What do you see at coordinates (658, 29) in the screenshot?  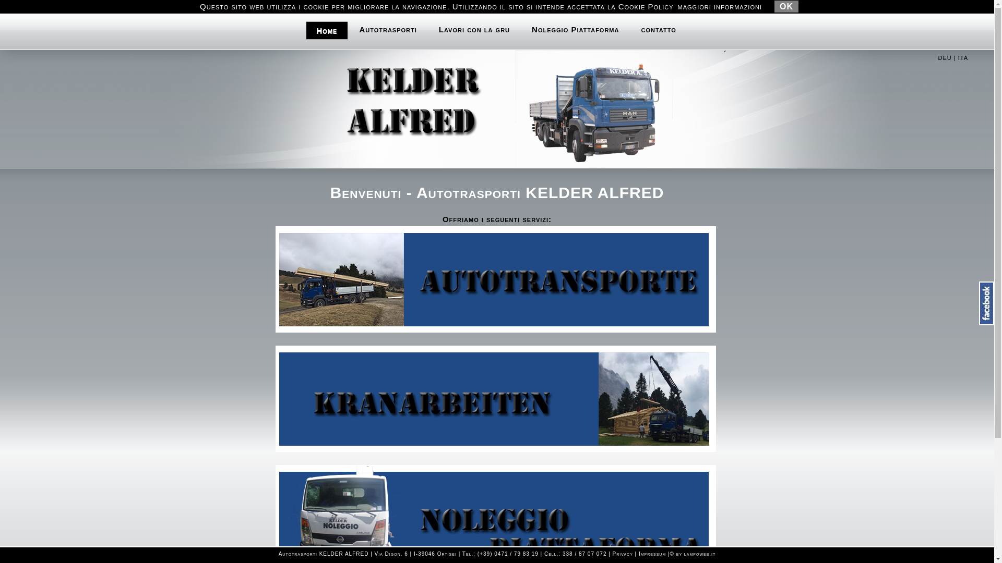 I see `'contatto'` at bounding box center [658, 29].